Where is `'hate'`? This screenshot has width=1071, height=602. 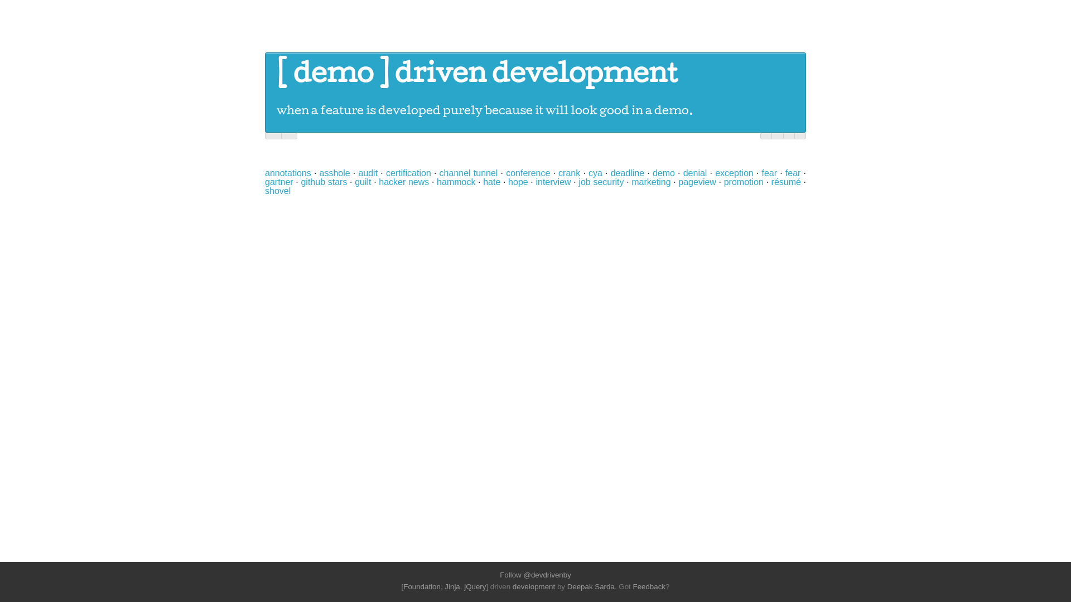
'hate' is located at coordinates (483, 181).